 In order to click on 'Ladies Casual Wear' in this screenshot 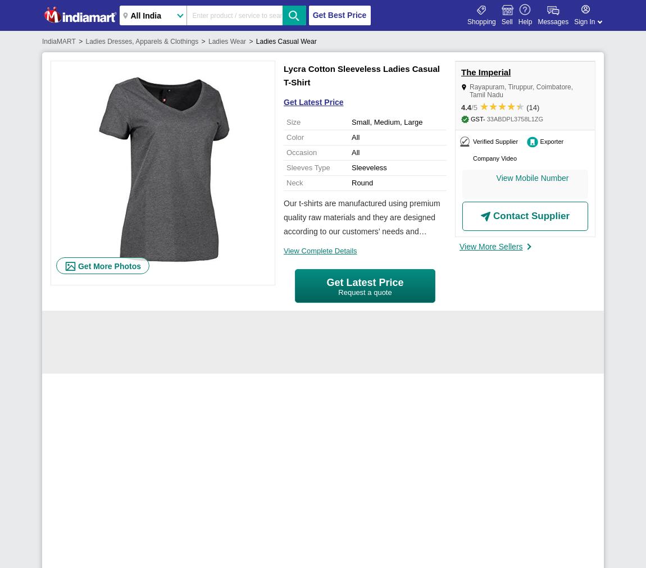, I will do `click(256, 41)`.